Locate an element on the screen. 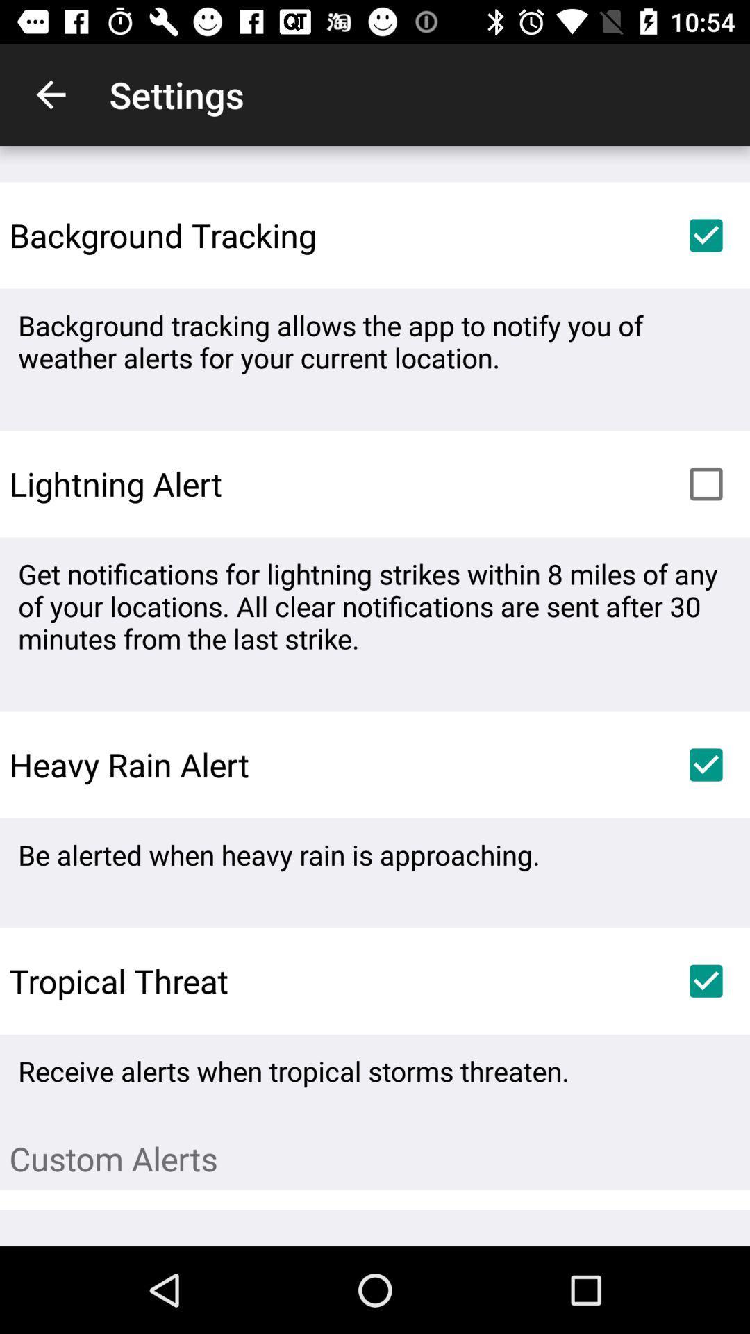 The height and width of the screenshot is (1334, 750). its a checkbox is located at coordinates (706, 764).